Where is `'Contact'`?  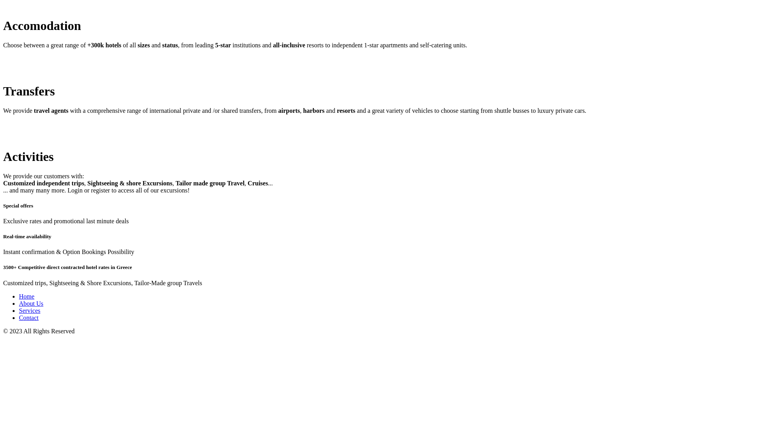
'Contact' is located at coordinates (28, 317).